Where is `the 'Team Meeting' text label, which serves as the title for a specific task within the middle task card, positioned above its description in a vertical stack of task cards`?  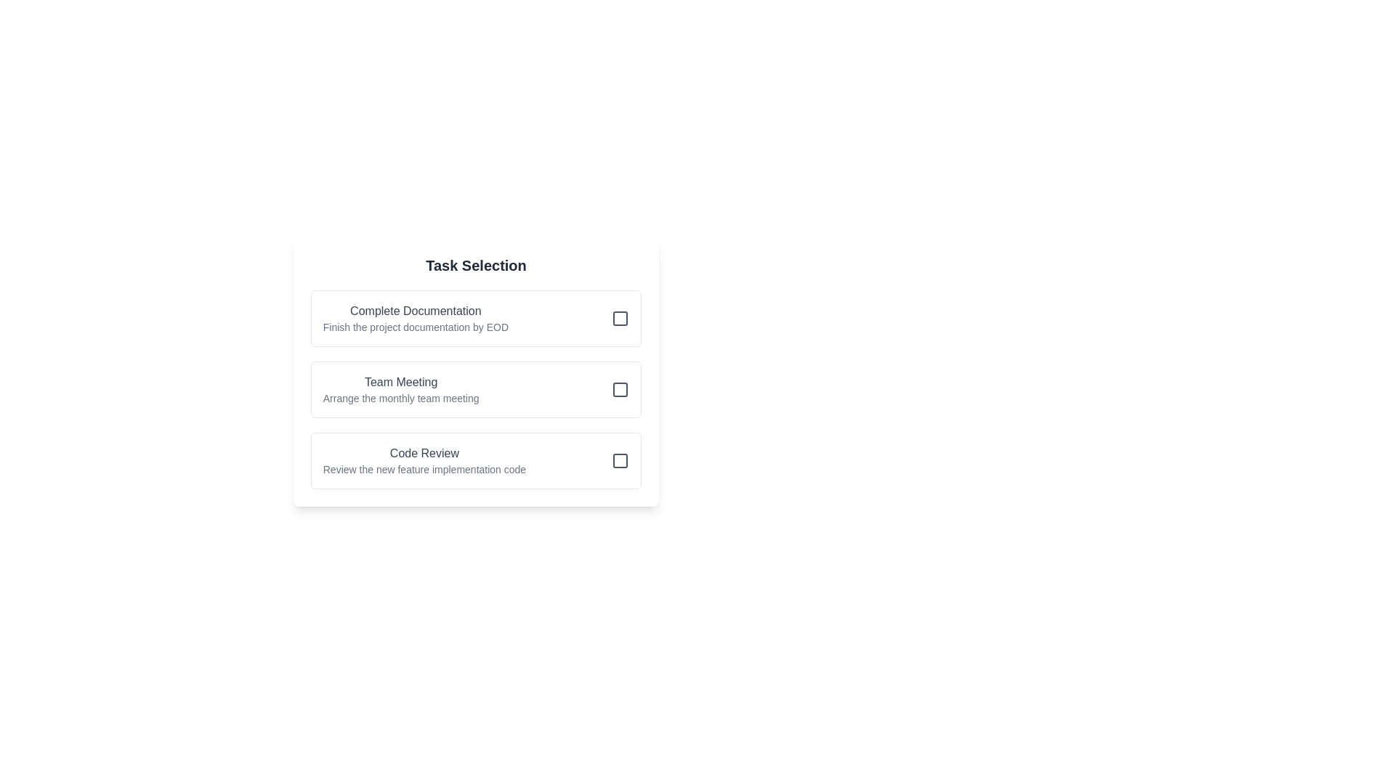 the 'Team Meeting' text label, which serves as the title for a specific task within the middle task card, positioned above its description in a vertical stack of task cards is located at coordinates (401, 382).